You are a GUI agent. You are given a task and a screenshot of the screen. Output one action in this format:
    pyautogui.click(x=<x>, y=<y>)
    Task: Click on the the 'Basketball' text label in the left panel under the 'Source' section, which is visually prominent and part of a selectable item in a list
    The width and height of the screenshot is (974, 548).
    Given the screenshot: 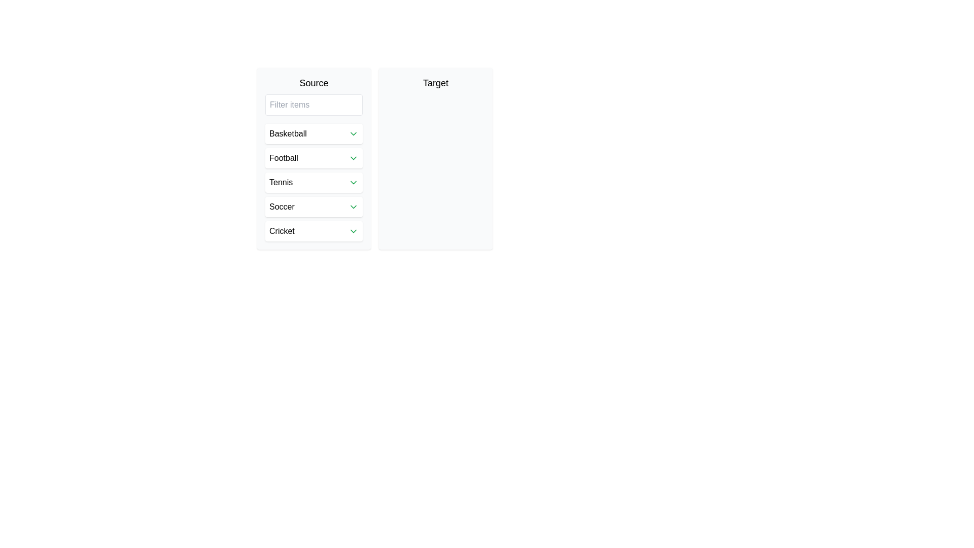 What is the action you would take?
    pyautogui.click(x=287, y=133)
    